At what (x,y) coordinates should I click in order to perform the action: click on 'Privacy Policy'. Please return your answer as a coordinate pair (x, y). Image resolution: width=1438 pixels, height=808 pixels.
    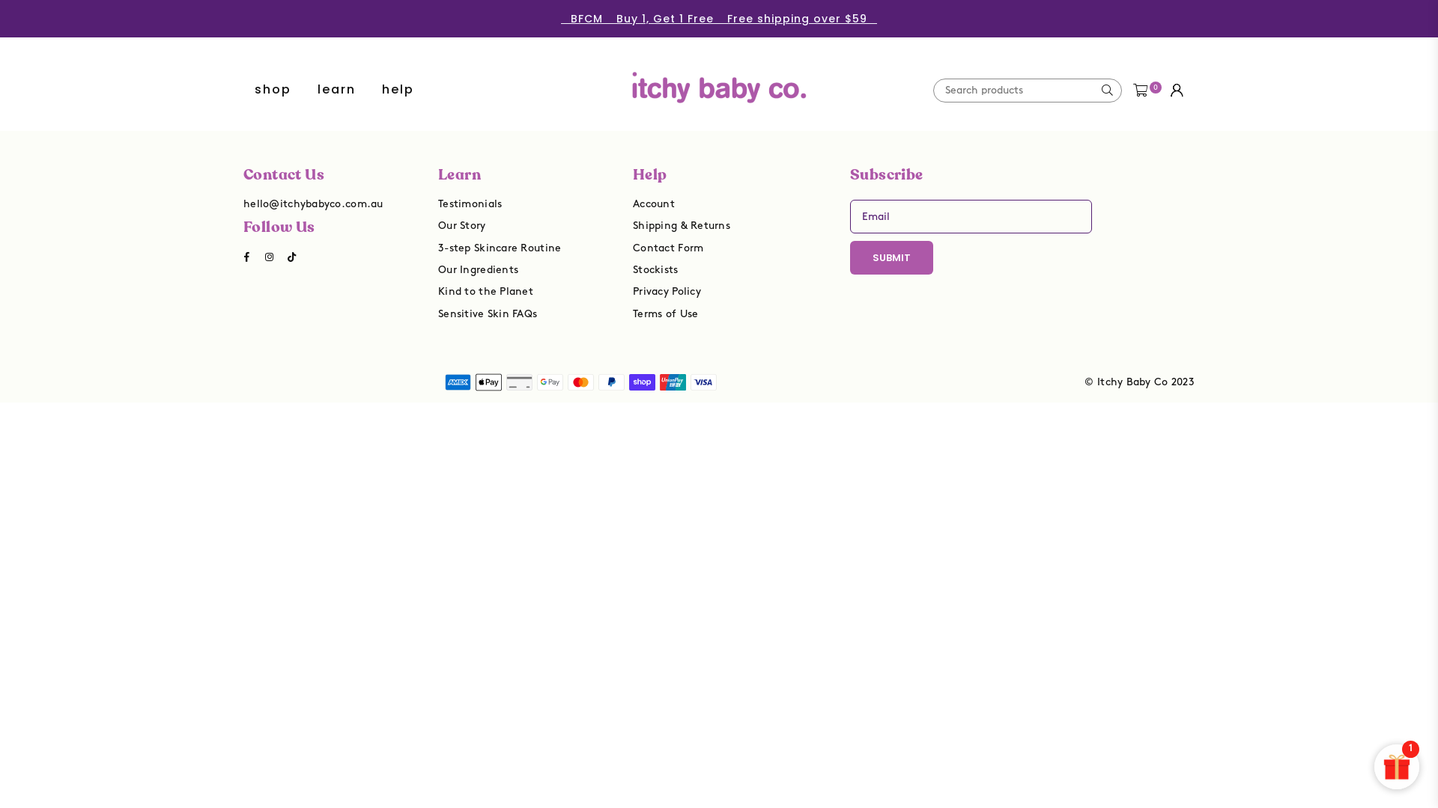
    Looking at the image, I should click on (666, 291).